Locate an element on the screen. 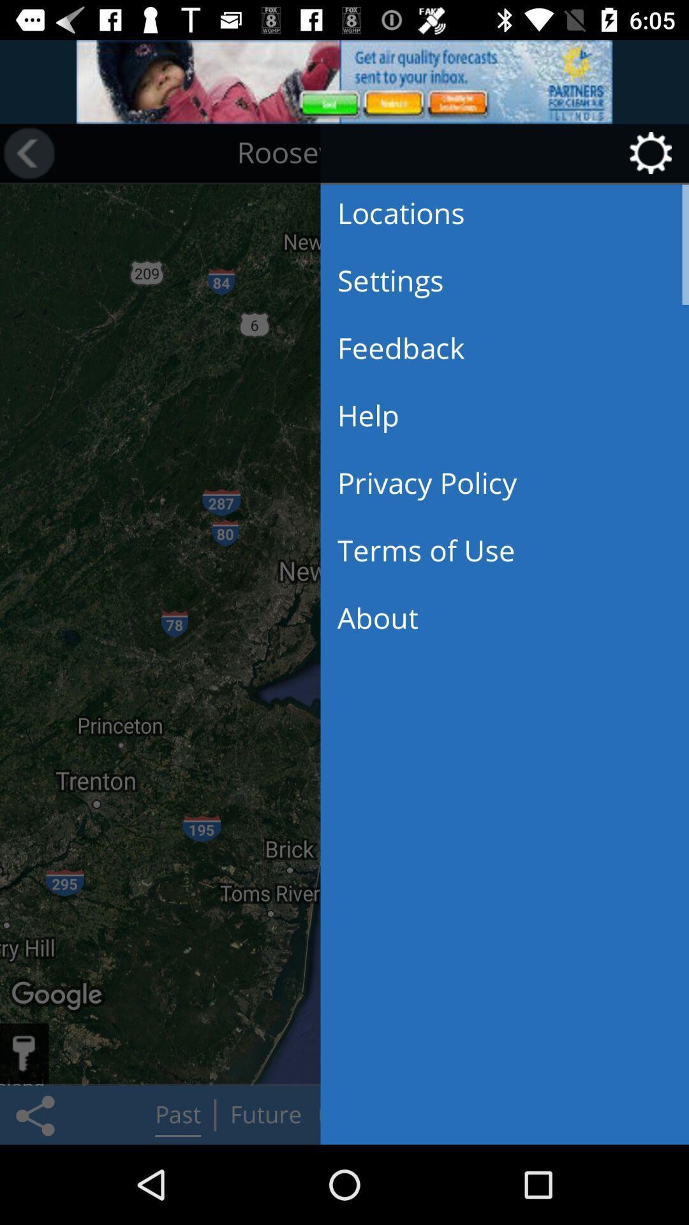 This screenshot has width=689, height=1225. the button at the top right corner of the page is located at coordinates (655, 153).